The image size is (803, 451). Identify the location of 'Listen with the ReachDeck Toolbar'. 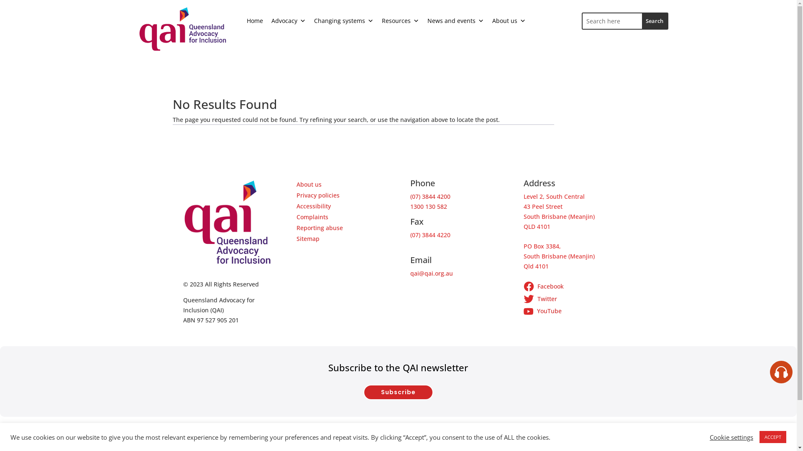
(780, 372).